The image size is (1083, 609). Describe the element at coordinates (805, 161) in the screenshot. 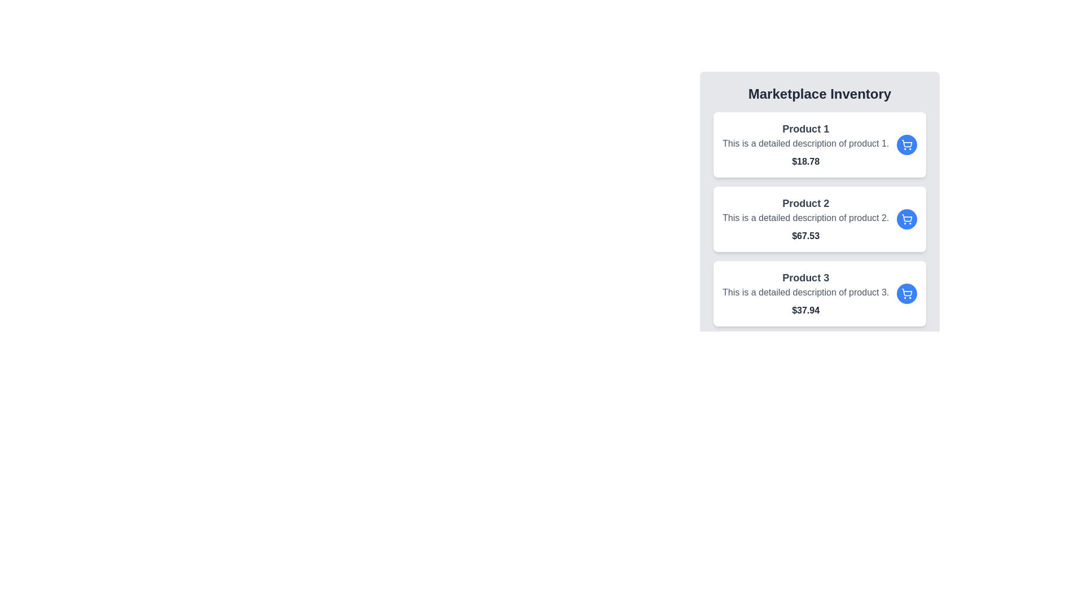

I see `price information displayed by the text label located below the description of product 1 in the product list` at that location.